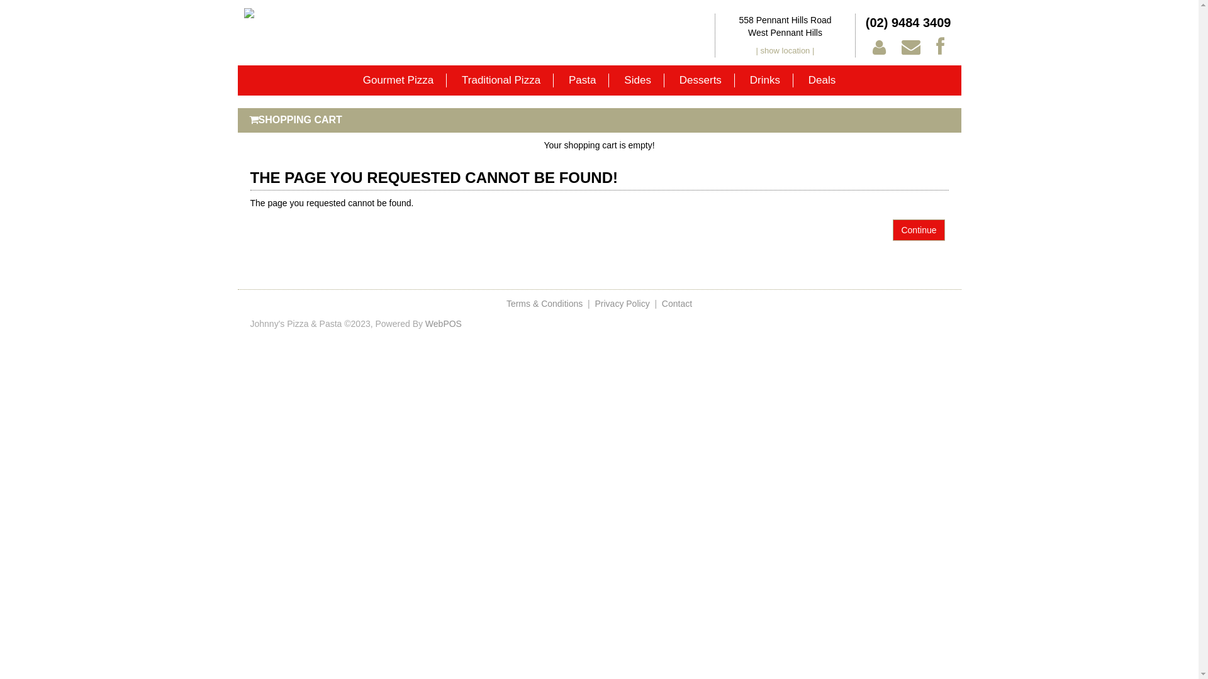  I want to click on 'Privacy Policy', so click(622, 303).